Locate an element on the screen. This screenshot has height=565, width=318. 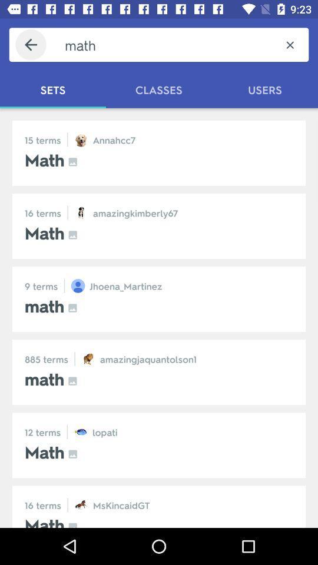
the second option from the top is located at coordinates (159, 225).